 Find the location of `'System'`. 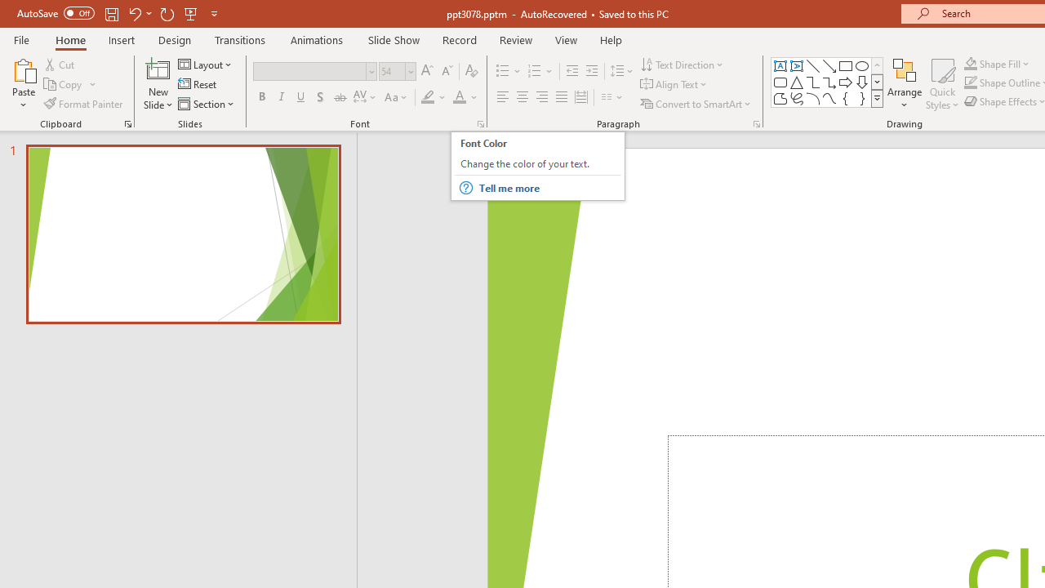

'System' is located at coordinates (8, 9).